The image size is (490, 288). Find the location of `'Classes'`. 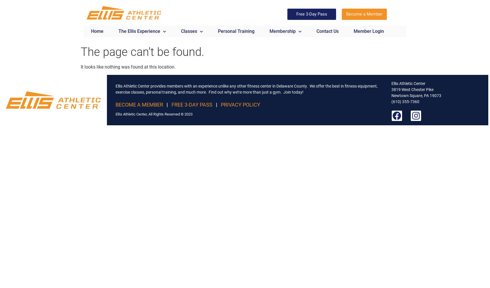

'Classes' is located at coordinates (189, 31).